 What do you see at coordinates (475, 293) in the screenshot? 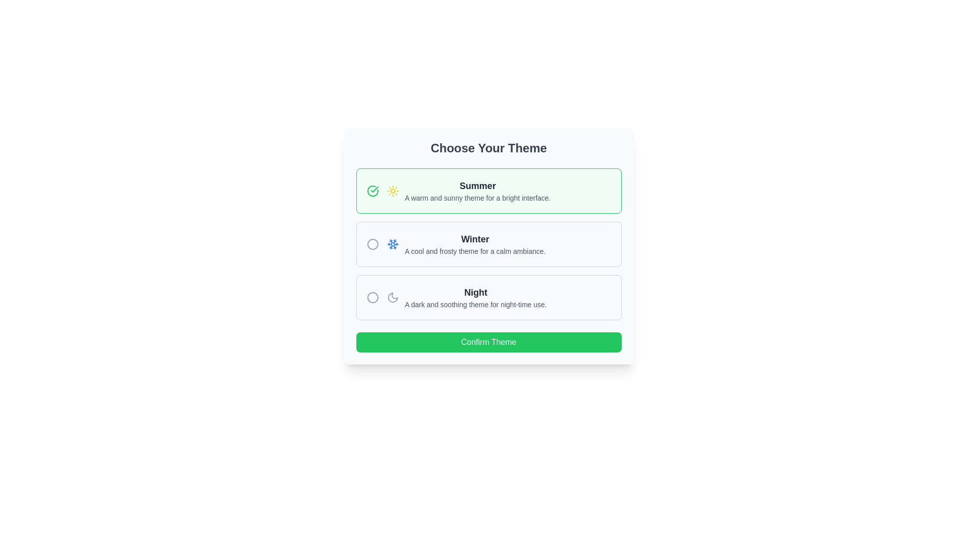
I see `the text label displaying 'Night' in bold, large-sized dark gray font, which serves as the title for a selectable theme option beneath the 'Winter' theme option` at bounding box center [475, 293].